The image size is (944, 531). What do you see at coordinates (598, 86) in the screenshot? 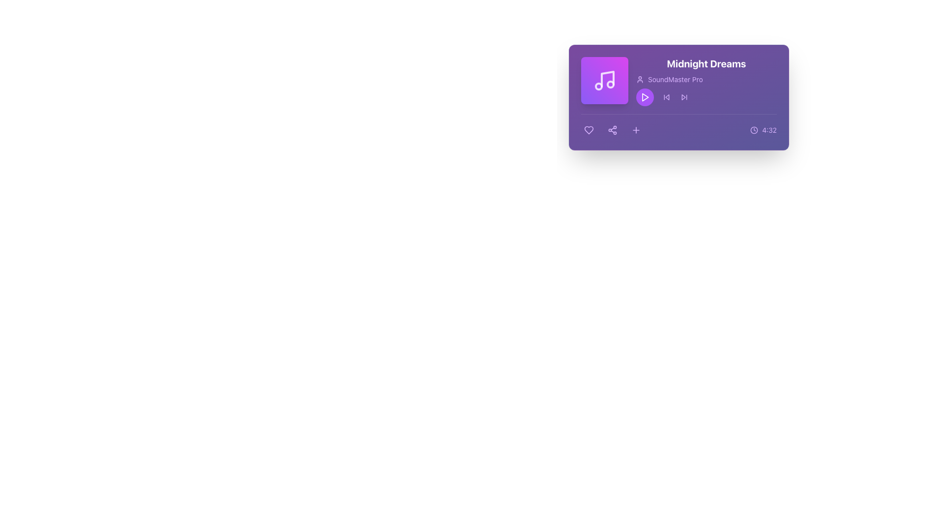
I see `the middle circle of the decorative SVG music note graphic located in the top-right section of the music player interface` at bounding box center [598, 86].